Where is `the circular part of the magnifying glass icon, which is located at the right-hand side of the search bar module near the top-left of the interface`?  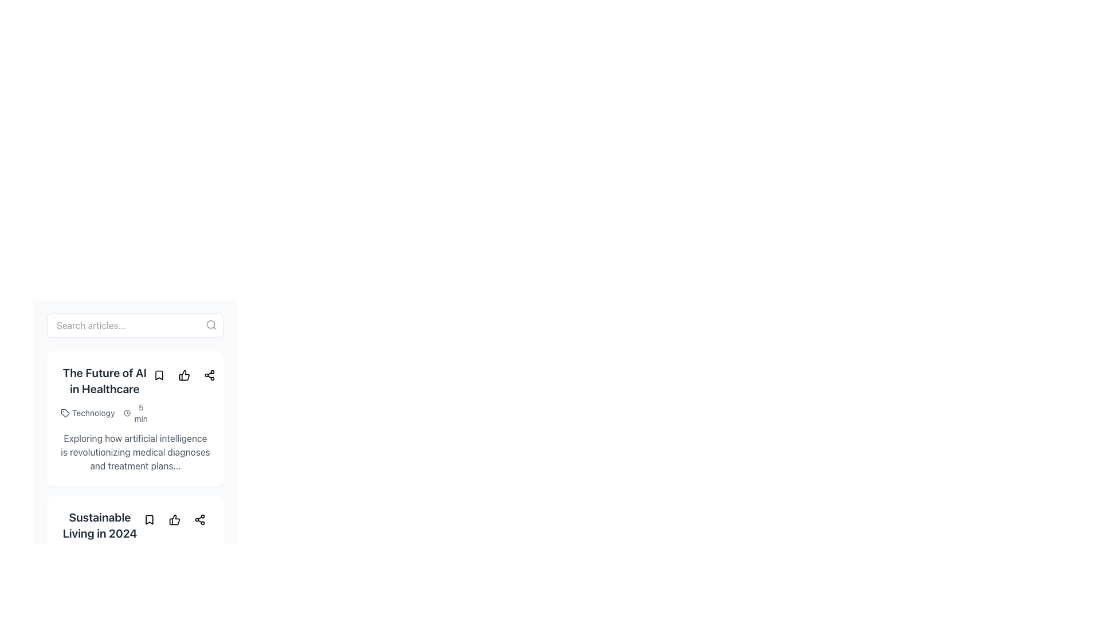 the circular part of the magnifying glass icon, which is located at the right-hand side of the search bar module near the top-left of the interface is located at coordinates (211, 324).